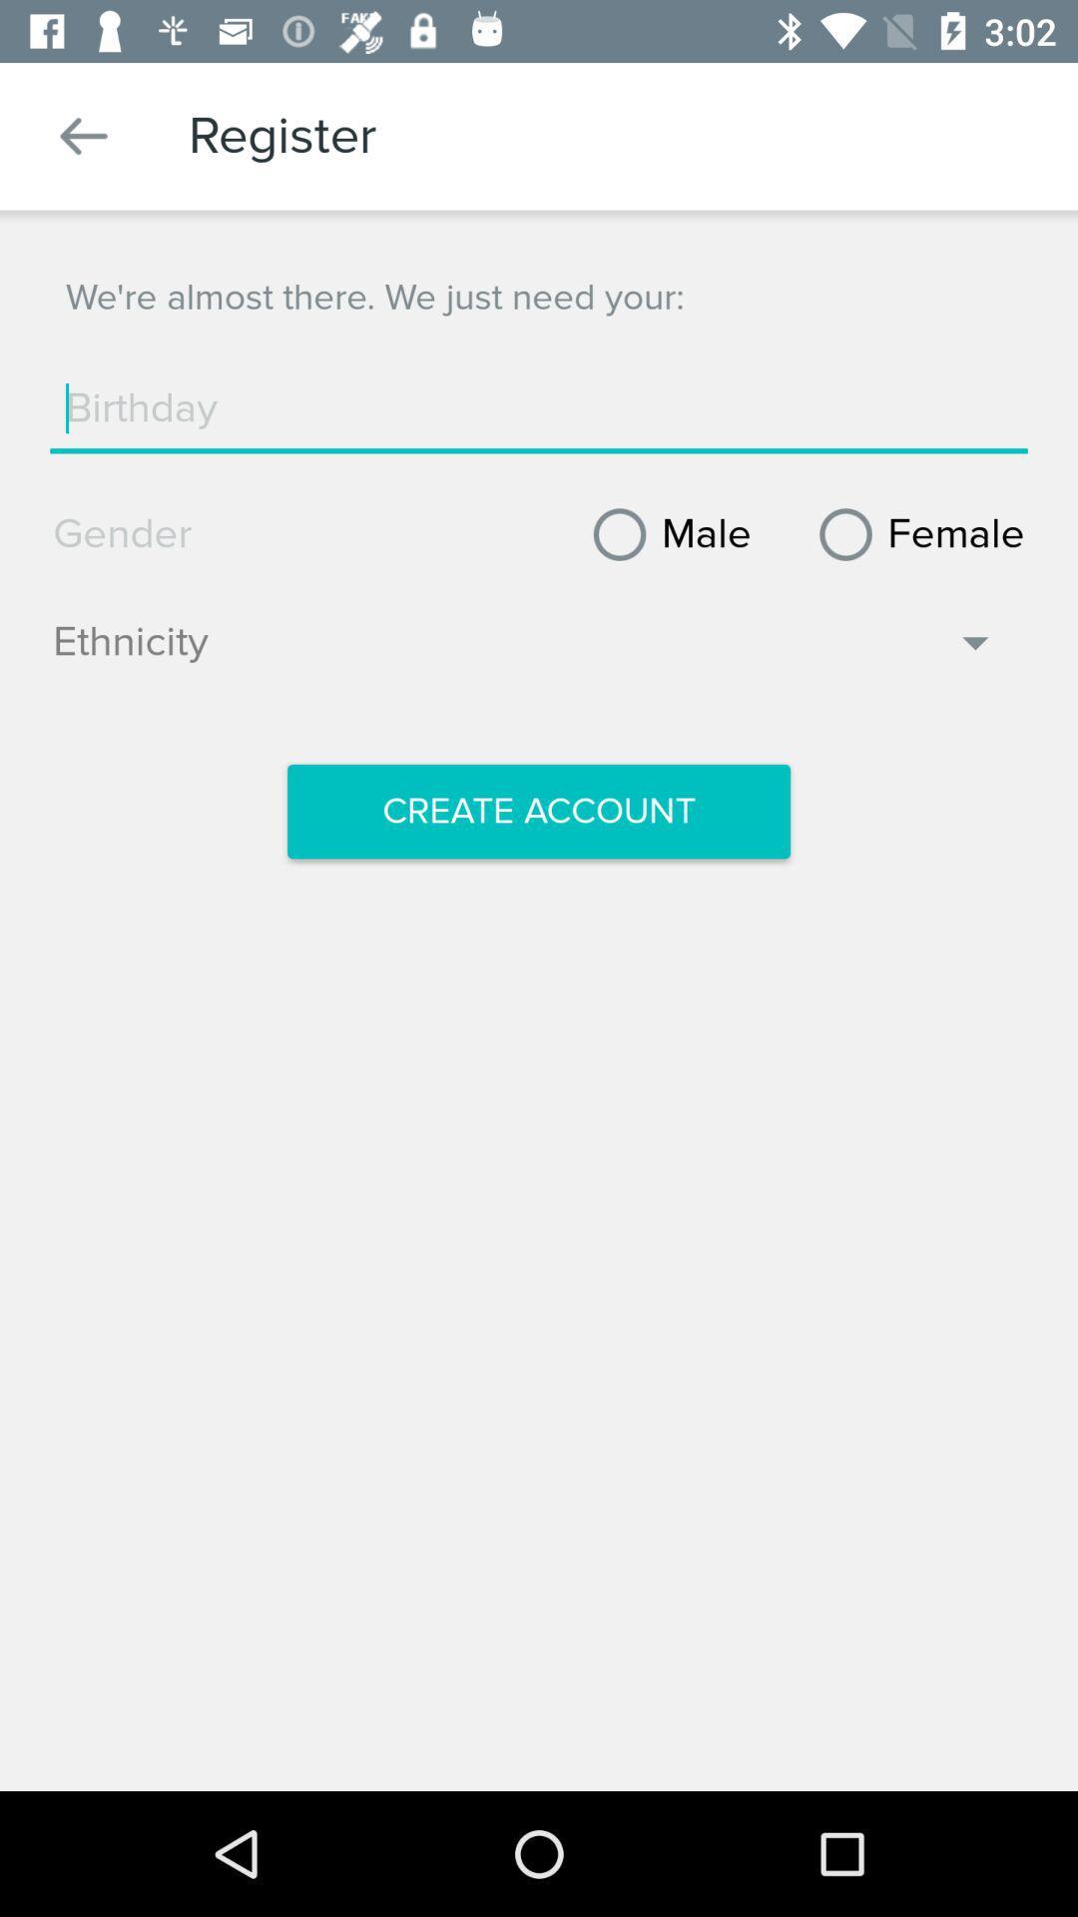 The width and height of the screenshot is (1078, 1917). Describe the element at coordinates (665, 534) in the screenshot. I see `item to the left of female` at that location.